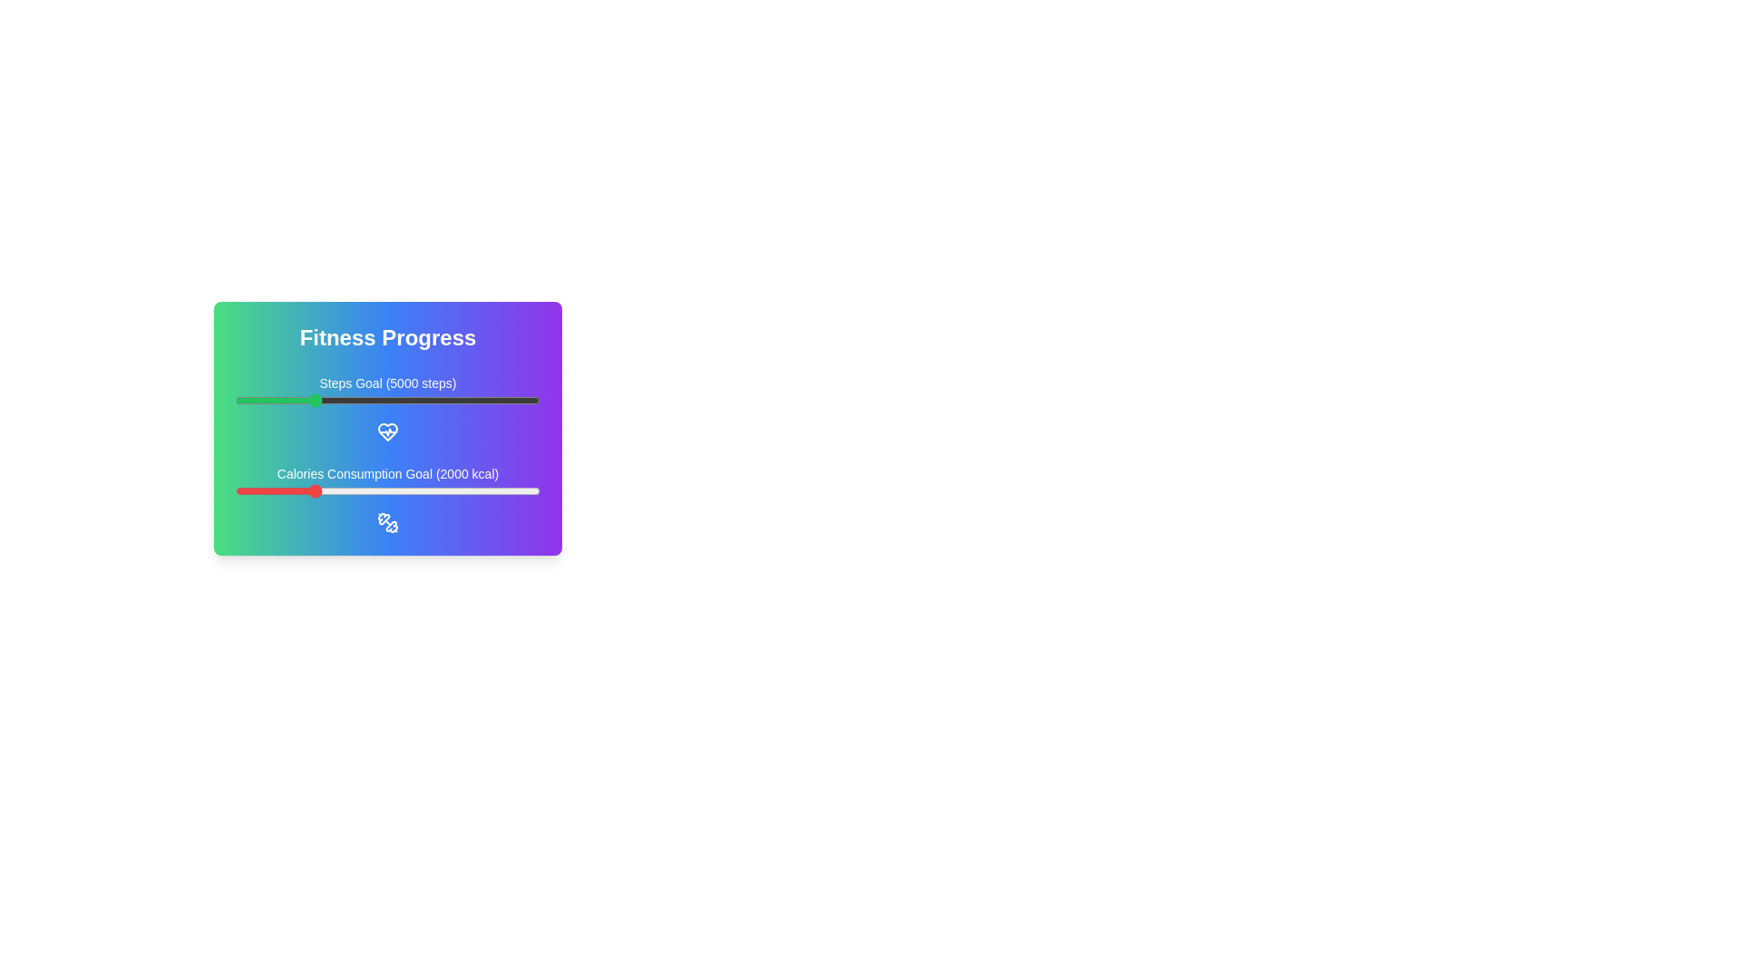 This screenshot has width=1741, height=979. What do you see at coordinates (414, 400) in the screenshot?
I see `the steps goal` at bounding box center [414, 400].